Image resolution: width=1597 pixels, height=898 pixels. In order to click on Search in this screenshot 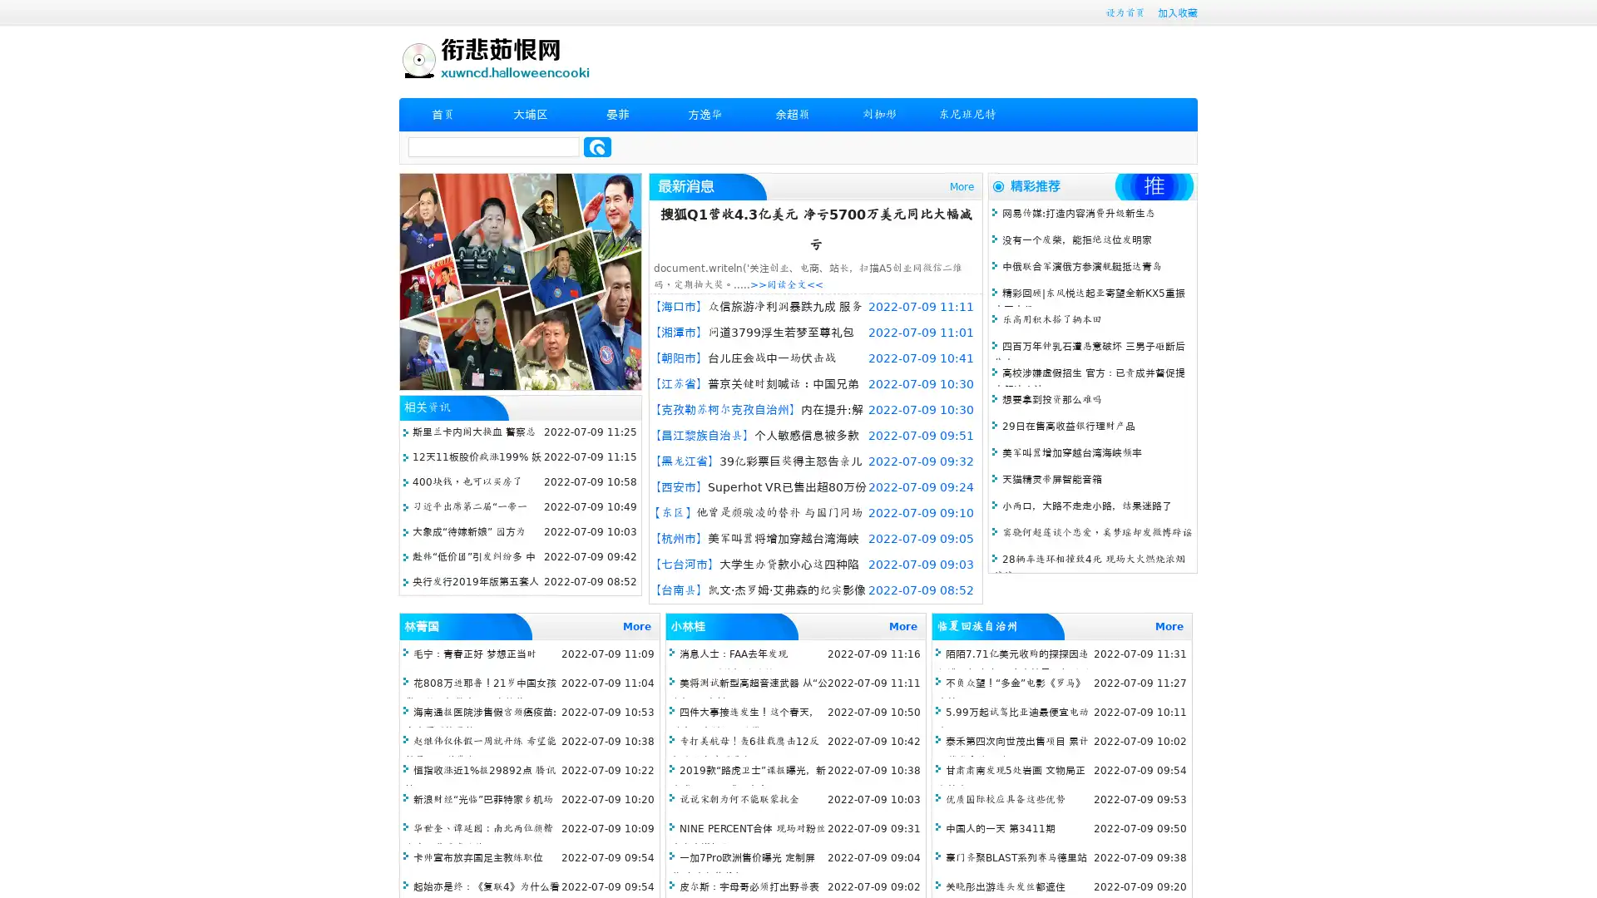, I will do `click(597, 146)`.